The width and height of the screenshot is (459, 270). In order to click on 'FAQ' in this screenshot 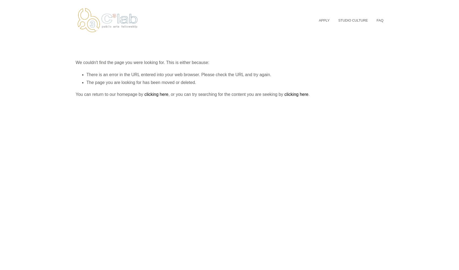, I will do `click(376, 20)`.